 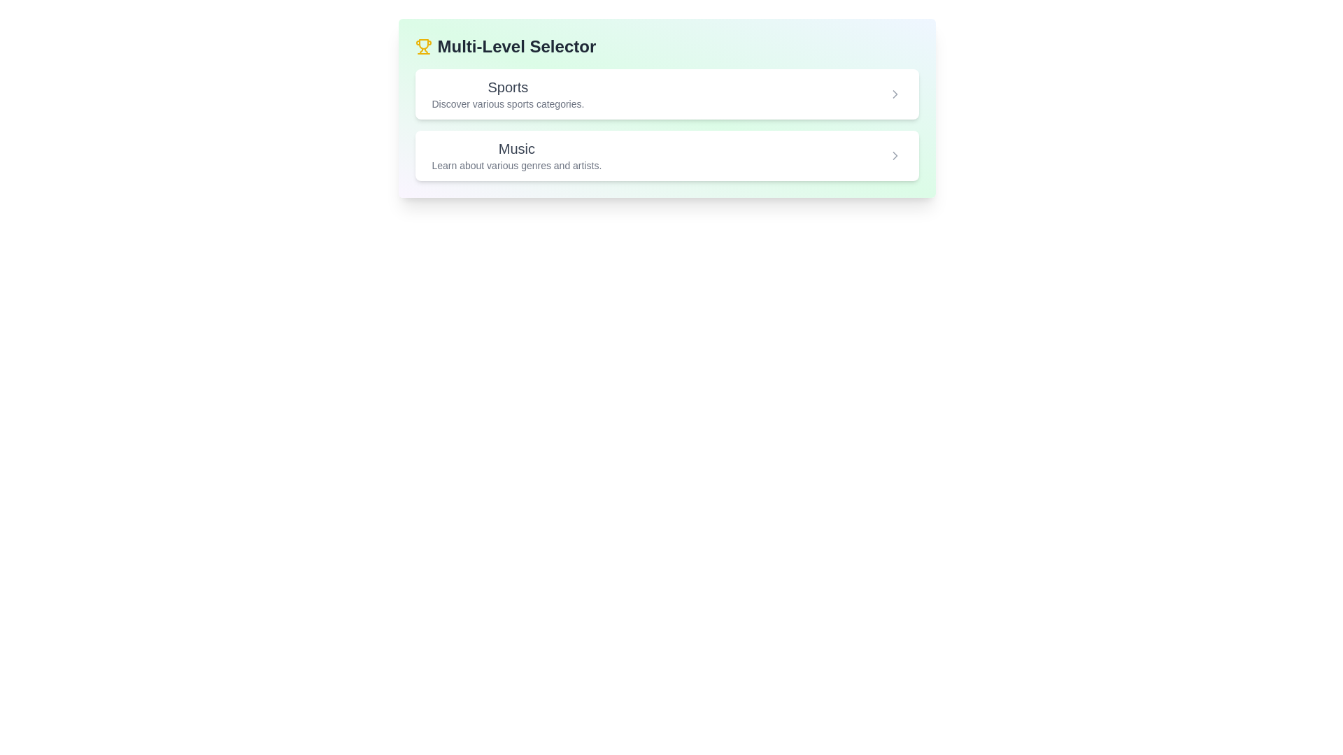 What do you see at coordinates (516, 164) in the screenshot?
I see `the Text label that provides contextual information related to the 'Music' category, positioned below the 'Sports' section and centered in the interface` at bounding box center [516, 164].